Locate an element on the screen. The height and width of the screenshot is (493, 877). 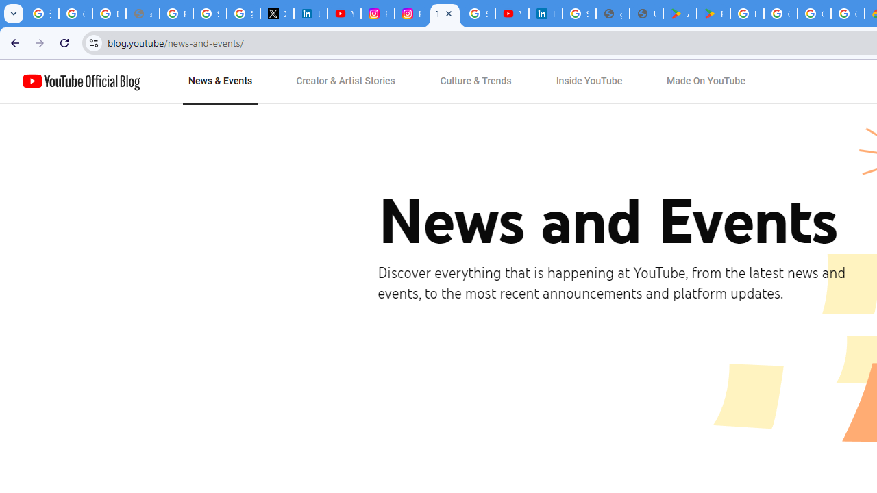
'Culture & Trends' is located at coordinates (476, 81).